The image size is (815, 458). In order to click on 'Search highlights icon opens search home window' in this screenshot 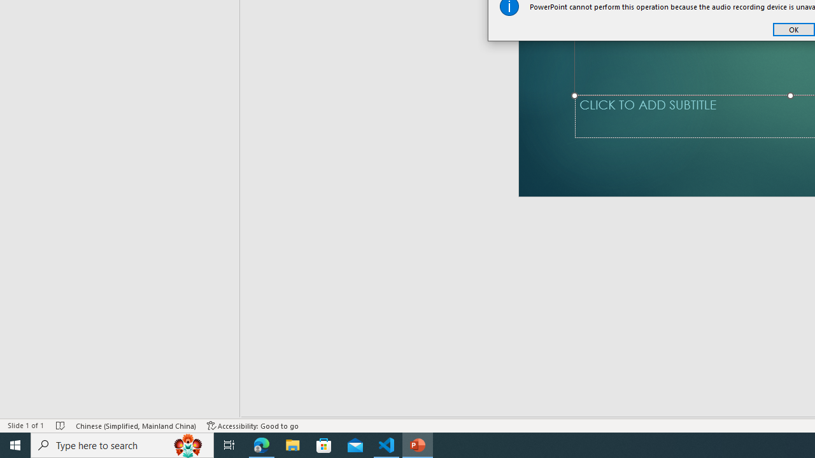, I will do `click(187, 444)`.